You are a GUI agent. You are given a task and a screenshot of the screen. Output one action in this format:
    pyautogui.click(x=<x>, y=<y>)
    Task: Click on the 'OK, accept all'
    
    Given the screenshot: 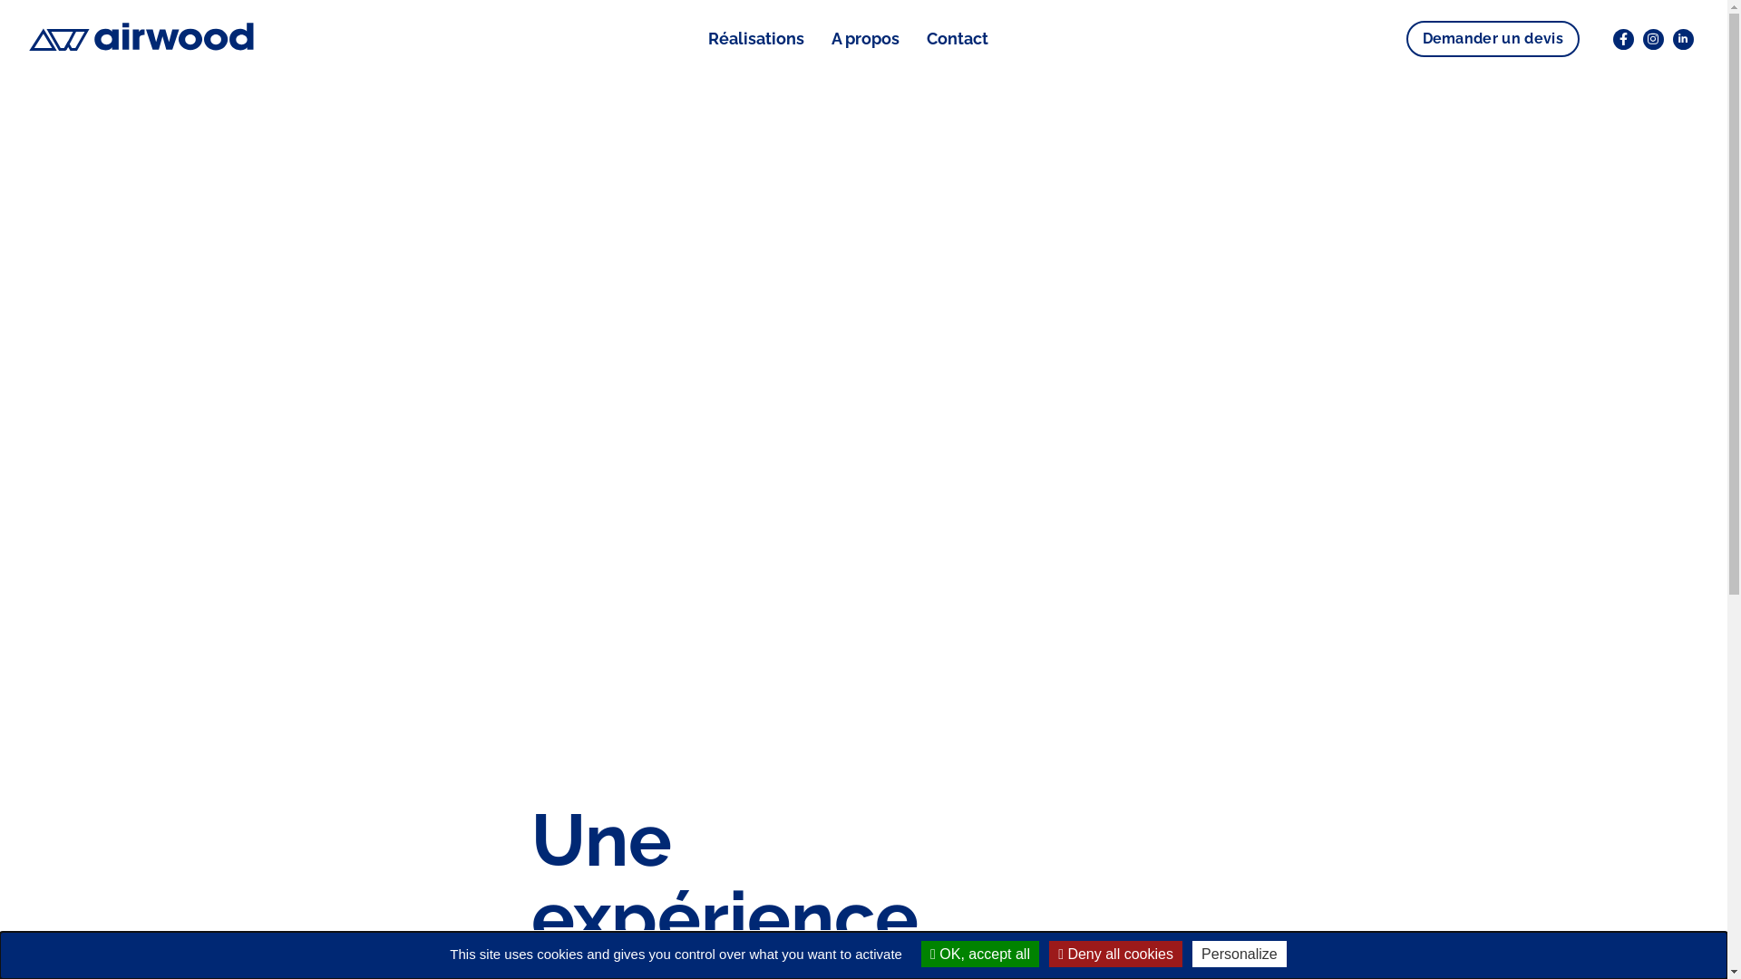 What is the action you would take?
    pyautogui.click(x=978, y=953)
    